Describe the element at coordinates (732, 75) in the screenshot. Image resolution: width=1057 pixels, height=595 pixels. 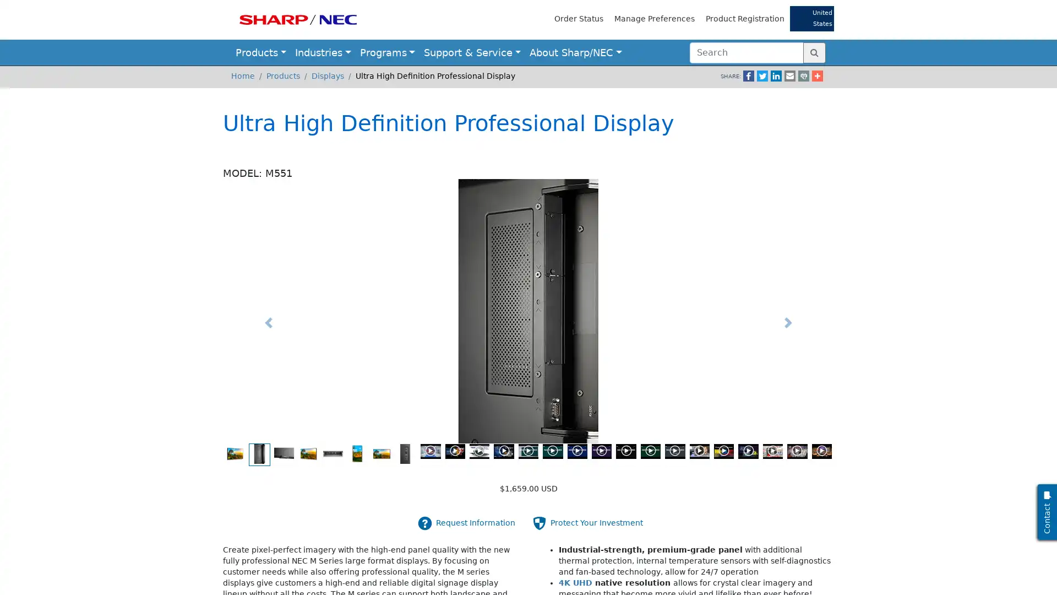
I see `Share to Facebook` at that location.